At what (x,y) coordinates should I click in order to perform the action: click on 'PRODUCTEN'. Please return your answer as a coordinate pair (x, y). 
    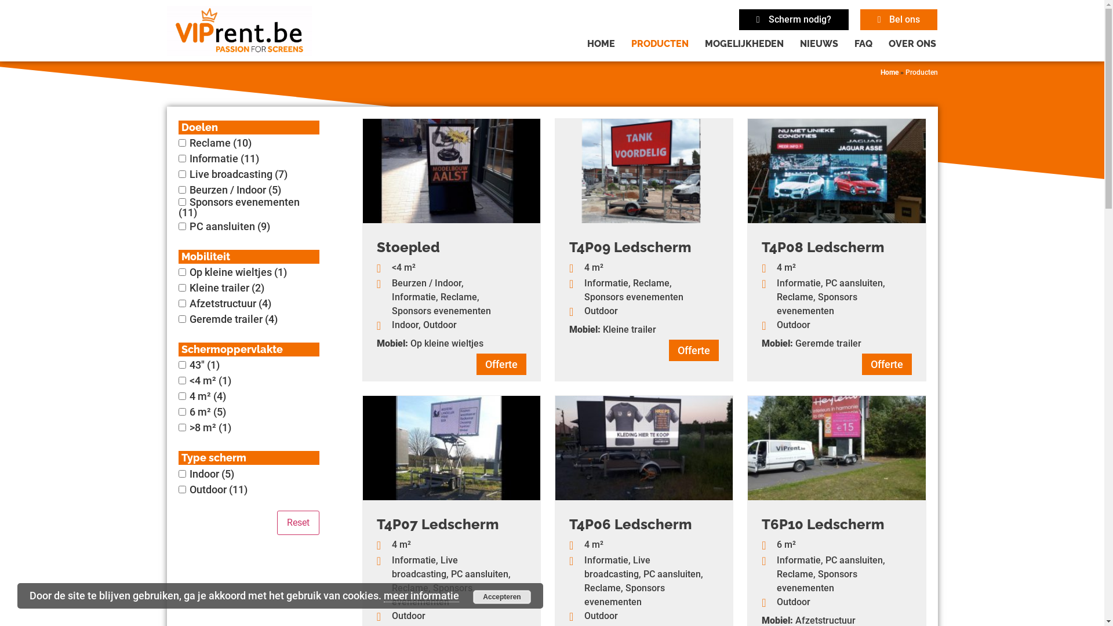
    Looking at the image, I should click on (660, 43).